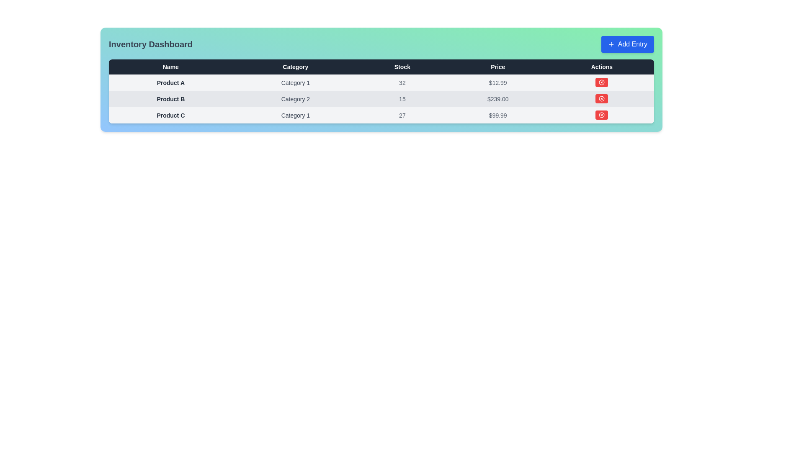 Image resolution: width=804 pixels, height=452 pixels. What do you see at coordinates (601, 82) in the screenshot?
I see `the circular red icon located in the first row of the 'Actions' column of the inventory table` at bounding box center [601, 82].